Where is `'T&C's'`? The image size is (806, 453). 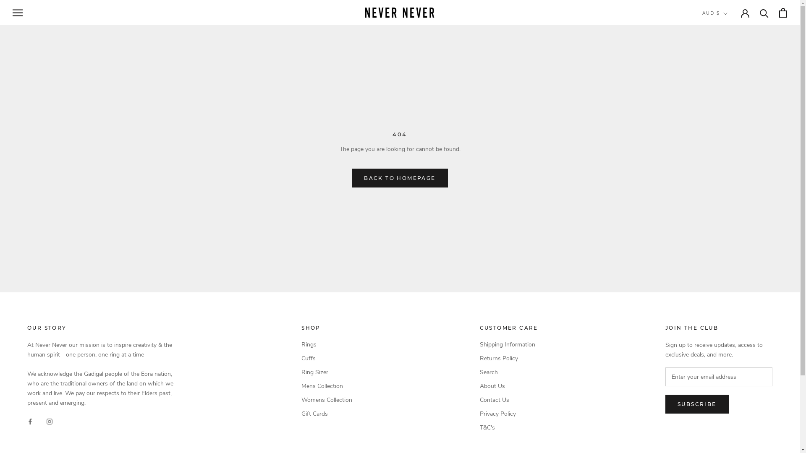
'T&C's' is located at coordinates (508, 427).